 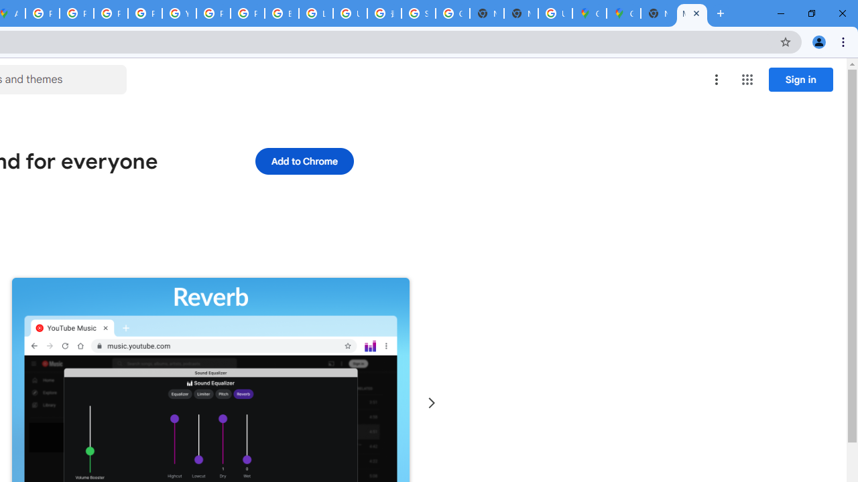 I want to click on 'Policy Accountability and Transparency - Transparency Center', so click(x=43, y=13).